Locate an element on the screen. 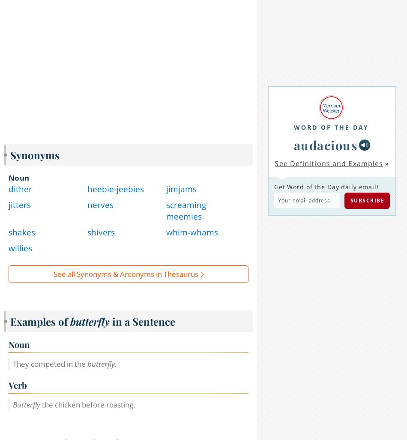 The height and width of the screenshot is (440, 407). 'u' is located at coordinates (285, 412).